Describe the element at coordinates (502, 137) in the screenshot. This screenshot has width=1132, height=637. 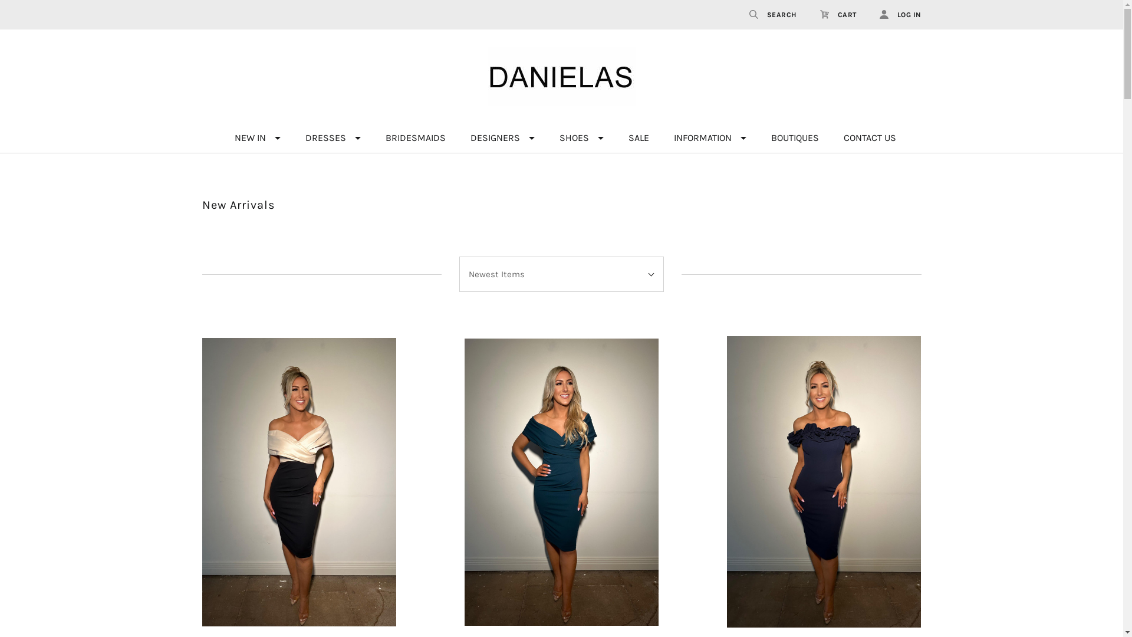
I see `'DESIGNERS'` at that location.